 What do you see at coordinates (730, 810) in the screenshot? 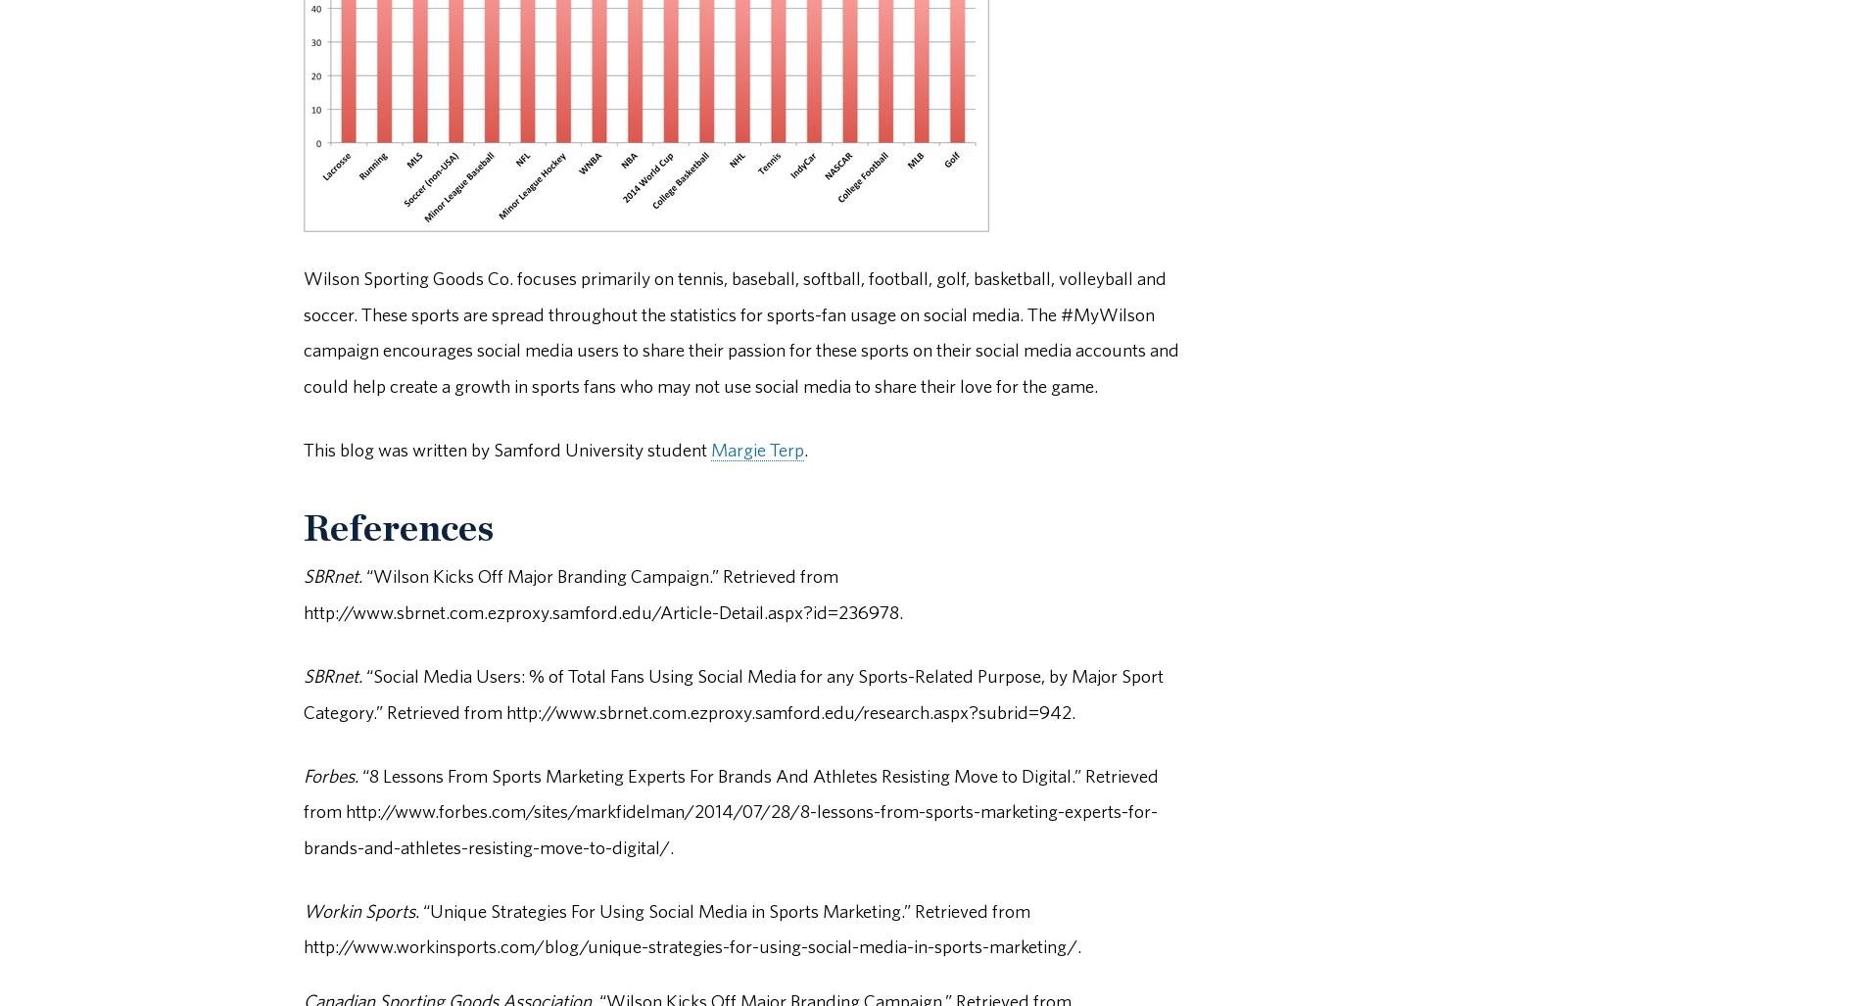
I see `'“8 Lessons From Sports Marketing Experts For Brands And Athletes Resisting Move to Digital.” Retrieved from http://www.forbes.com/sites/markfidelman/2014/07/28/8-lessons-from-sports-marketing-experts-for-brands-and-athletes-resisting-move-to-digital/.'` at bounding box center [730, 810].